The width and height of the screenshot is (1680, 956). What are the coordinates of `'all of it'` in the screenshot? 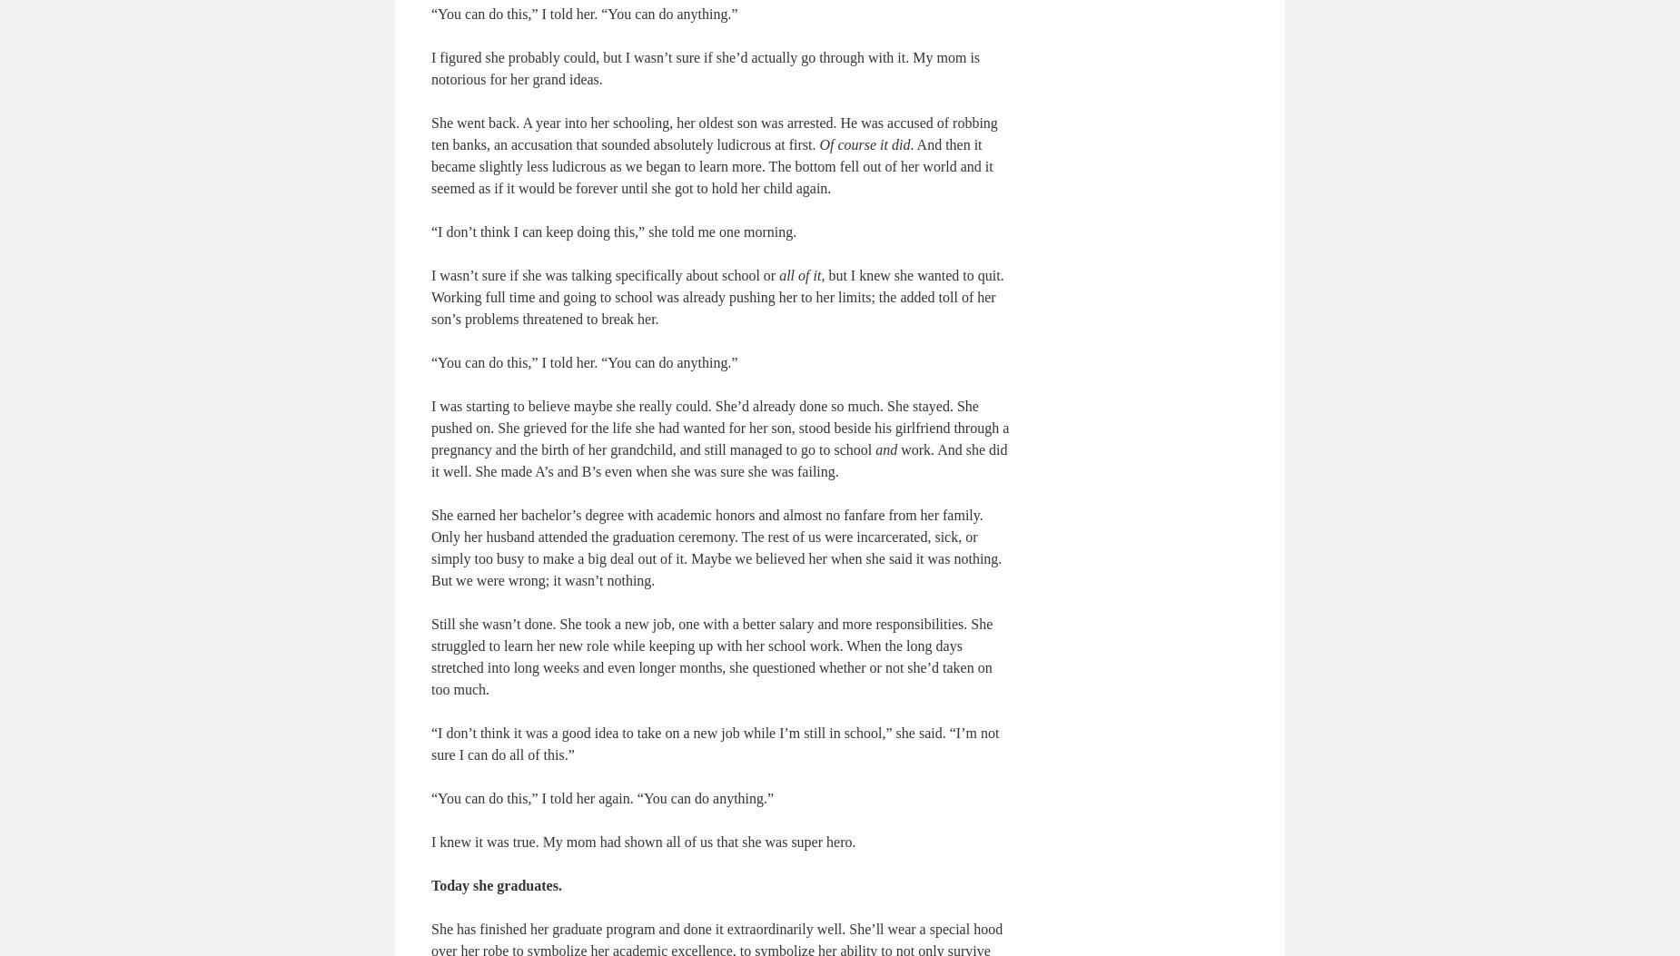 It's located at (799, 275).